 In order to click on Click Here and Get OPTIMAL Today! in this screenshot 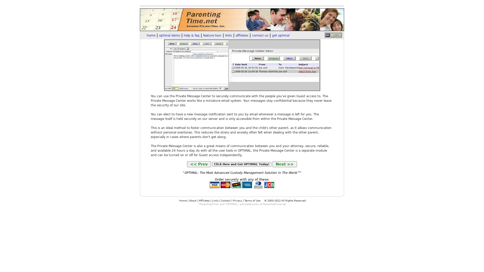, I will do `click(241, 164)`.